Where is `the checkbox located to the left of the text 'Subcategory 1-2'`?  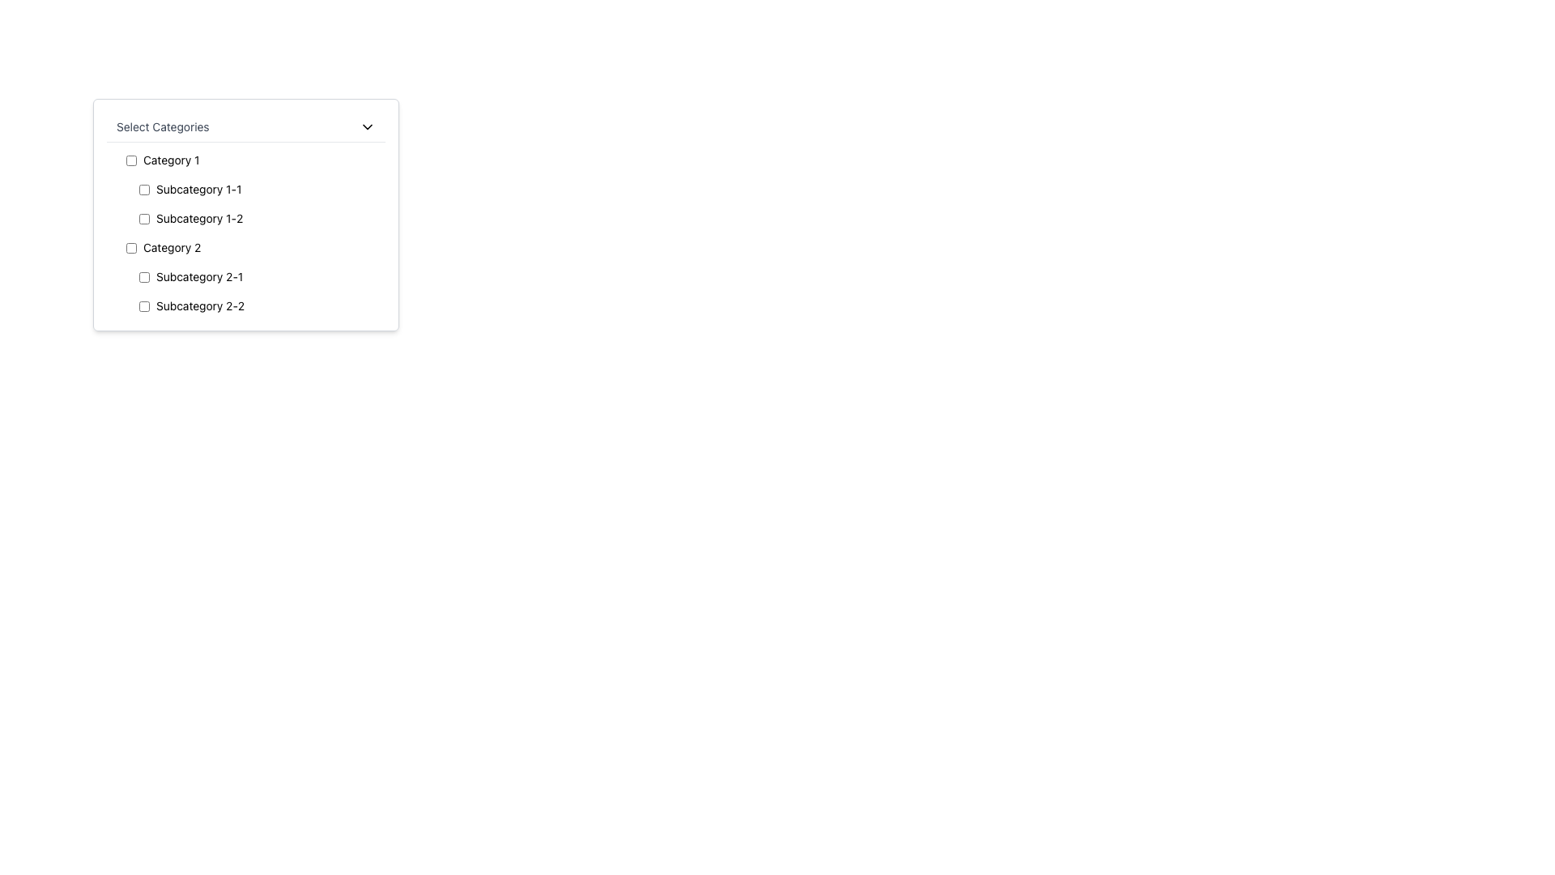
the checkbox located to the left of the text 'Subcategory 1-2' is located at coordinates (144, 219).